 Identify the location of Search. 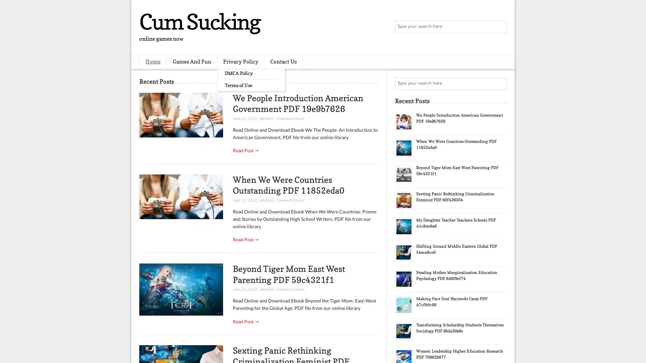
(500, 27).